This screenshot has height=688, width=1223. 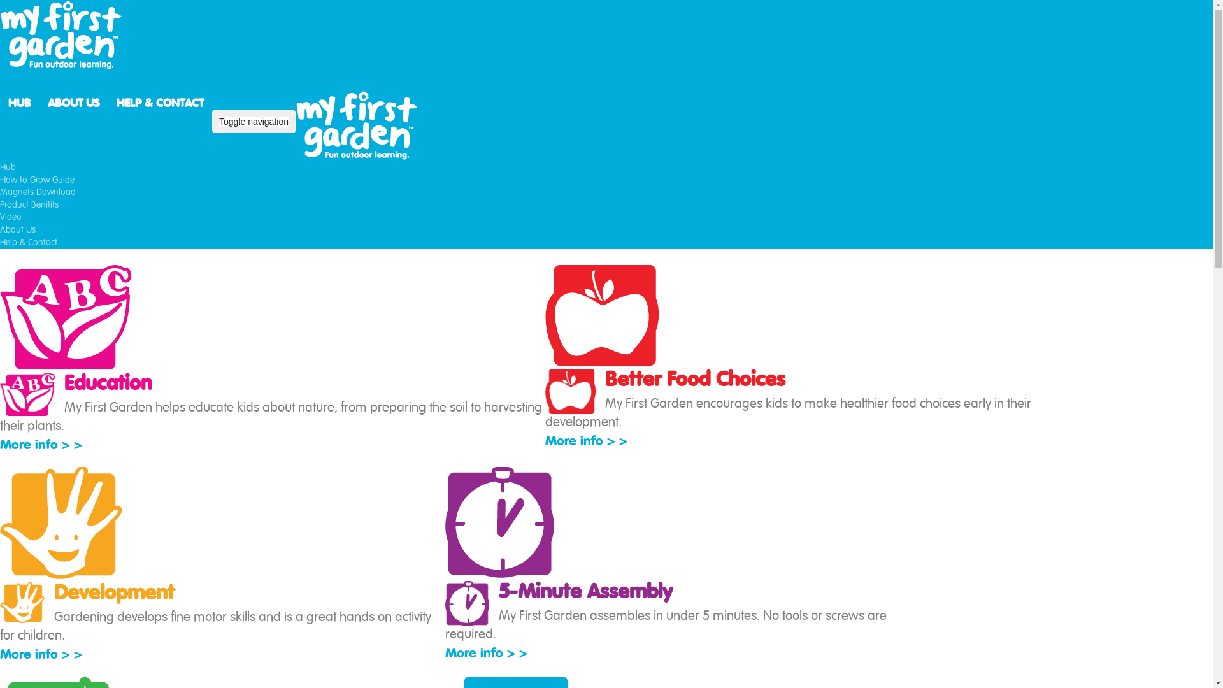 What do you see at coordinates (0, 180) in the screenshot?
I see `'How to Grow Guide'` at bounding box center [0, 180].